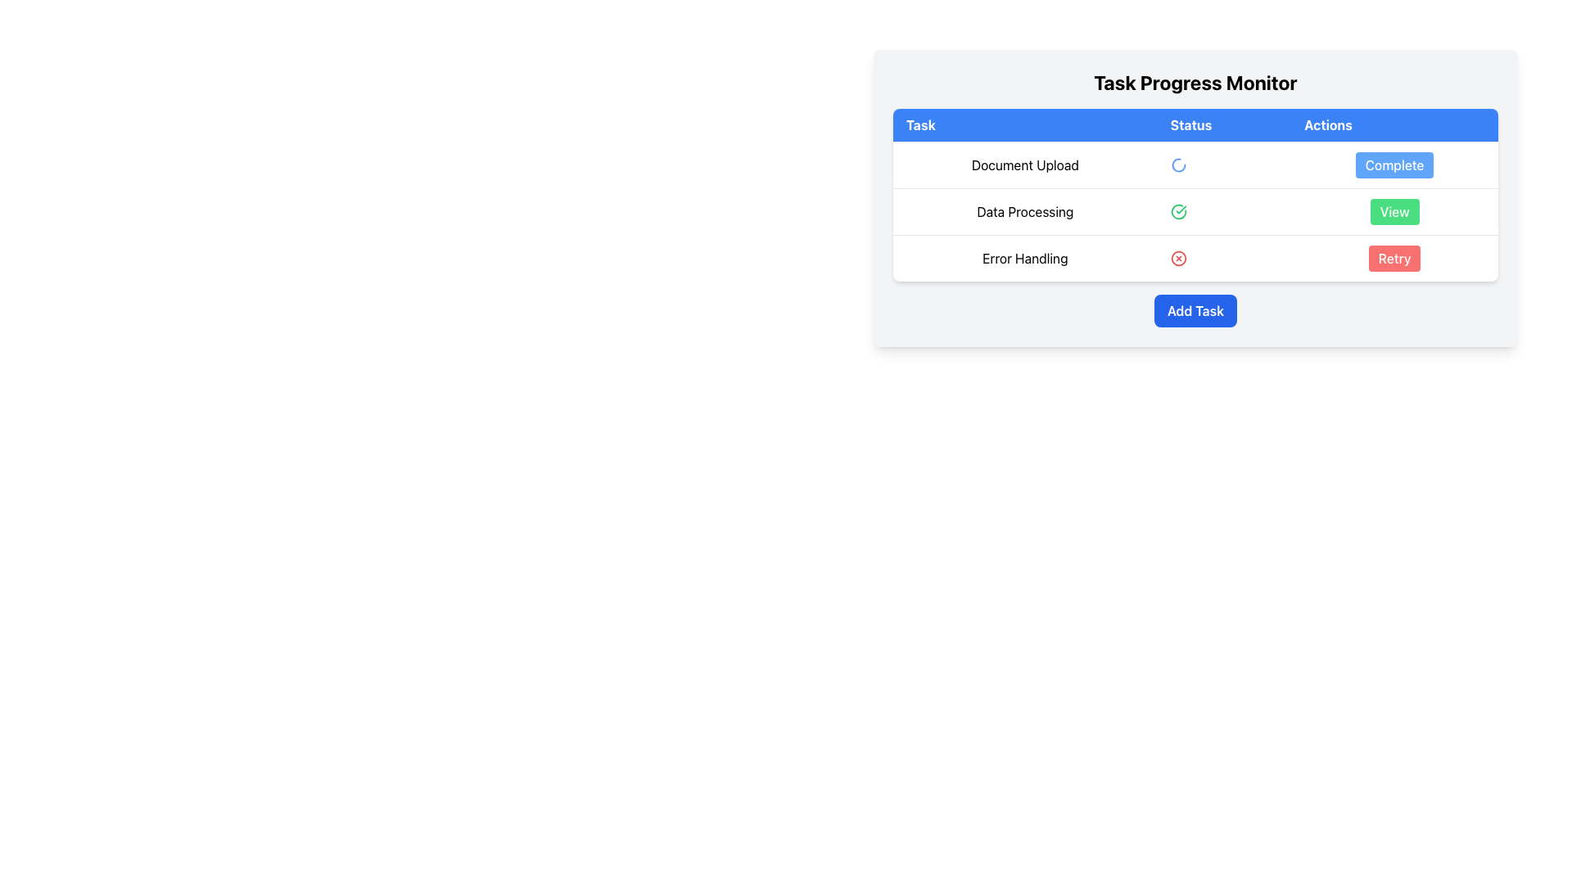 The height and width of the screenshot is (884, 1572). What do you see at coordinates (1177, 210) in the screenshot?
I see `the status indicated by the green checkmark icon in the second row of the 'Task Progress Monitor' table under the 'Status' column` at bounding box center [1177, 210].